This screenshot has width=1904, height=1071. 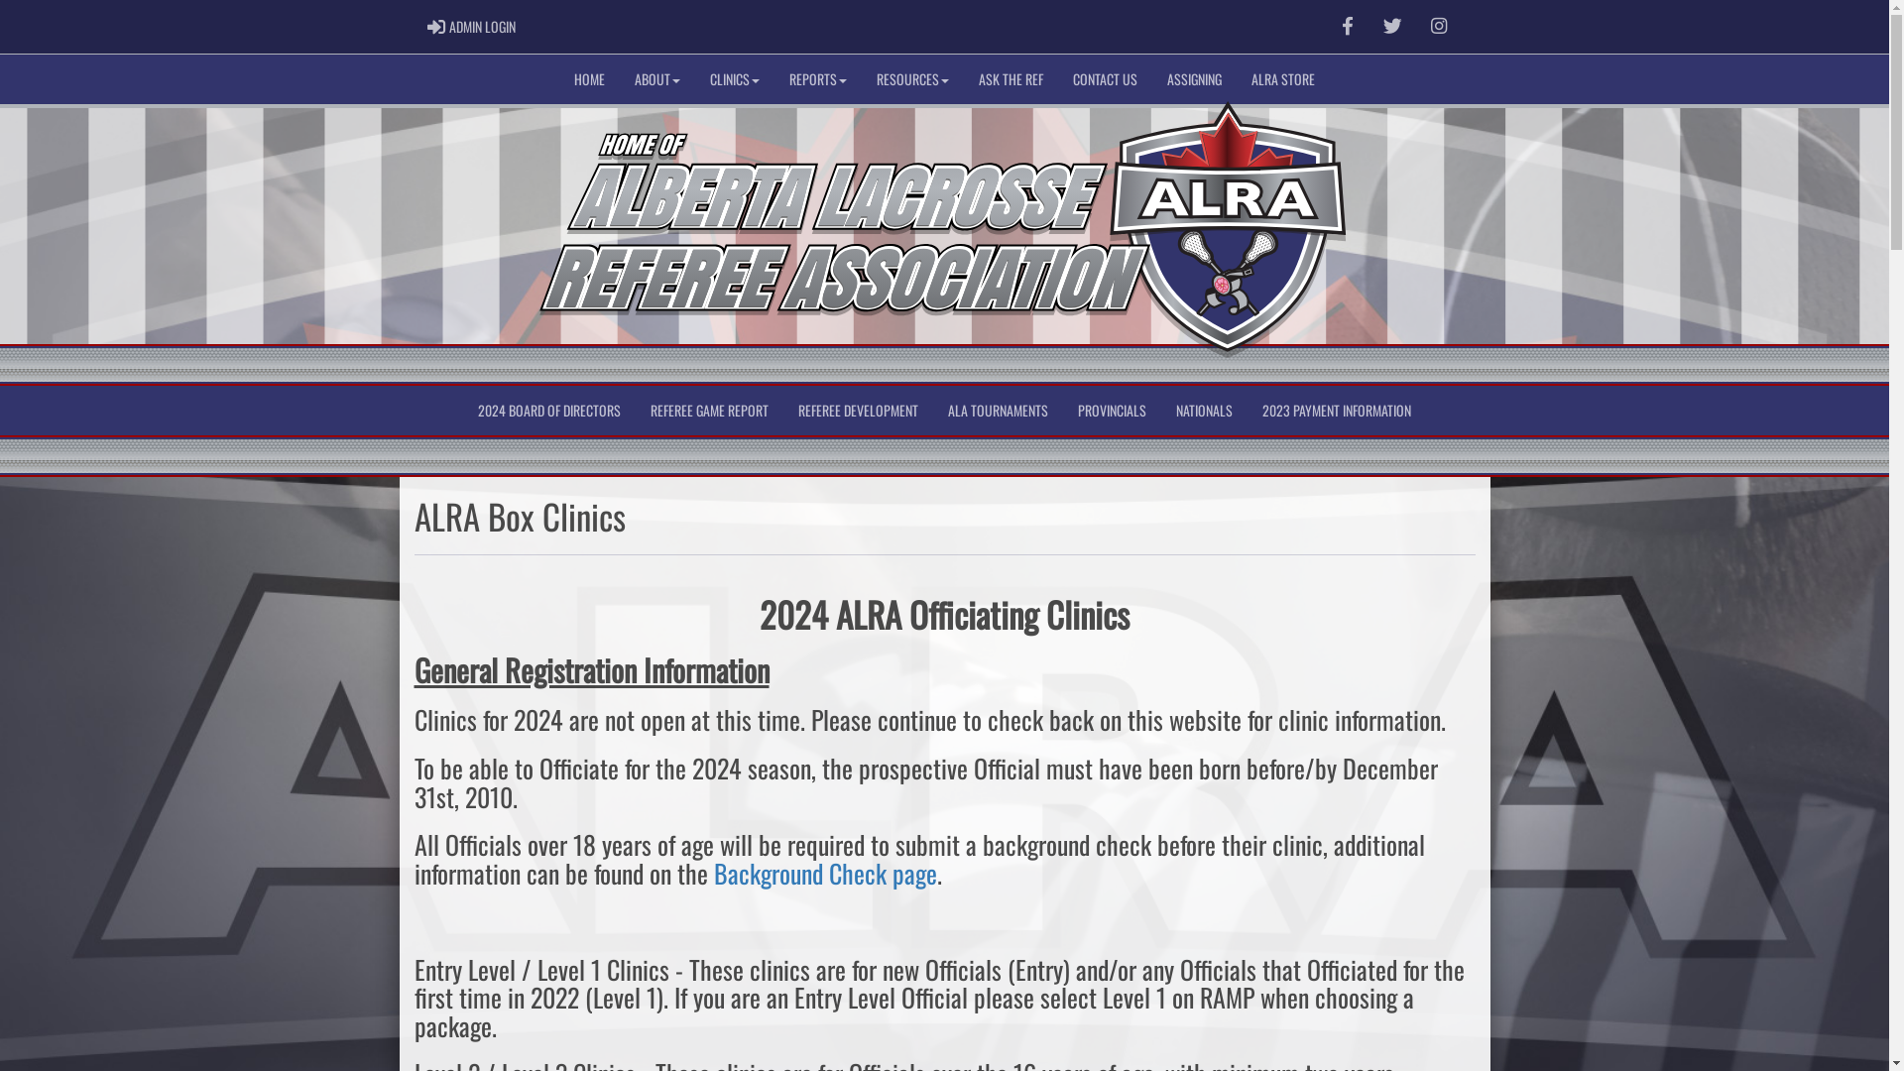 What do you see at coordinates (470, 27) in the screenshot?
I see `'LOGIN PAGE` at bounding box center [470, 27].